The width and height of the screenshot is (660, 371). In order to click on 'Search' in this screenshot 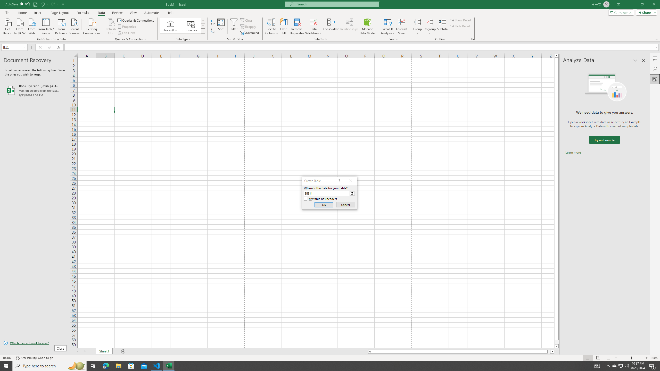, I will do `click(655, 69)`.